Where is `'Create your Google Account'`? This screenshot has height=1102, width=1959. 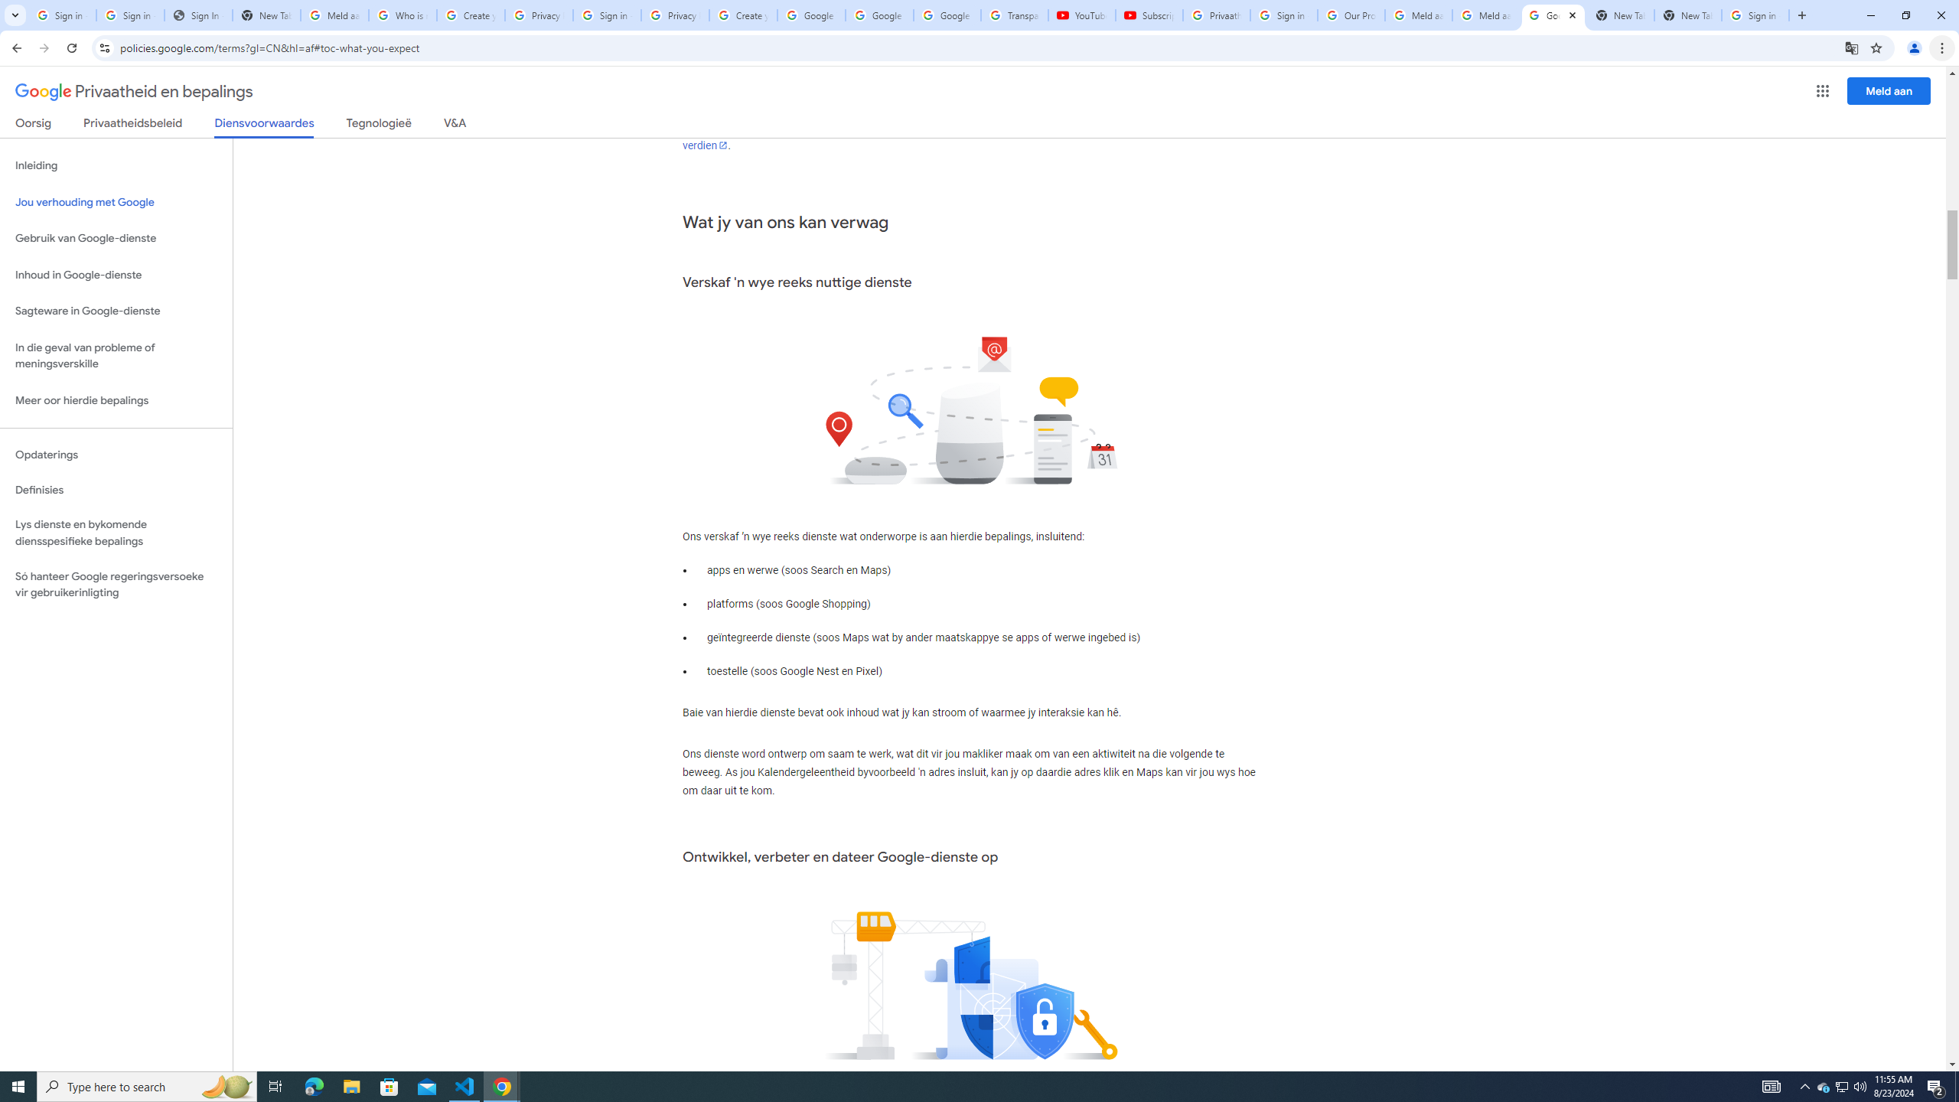 'Create your Google Account' is located at coordinates (742, 15).